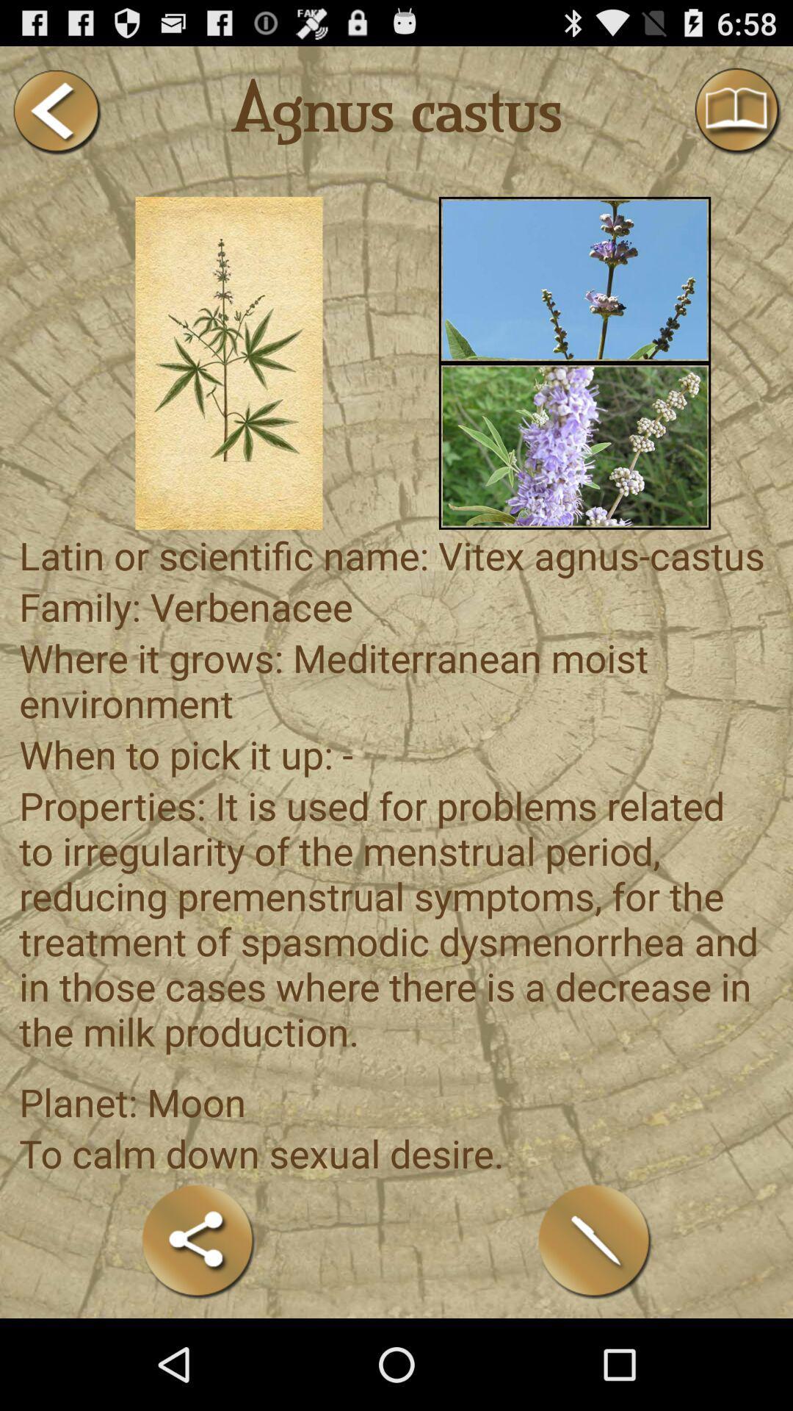 The width and height of the screenshot is (793, 1411). I want to click on zoom in picture, so click(229, 363).